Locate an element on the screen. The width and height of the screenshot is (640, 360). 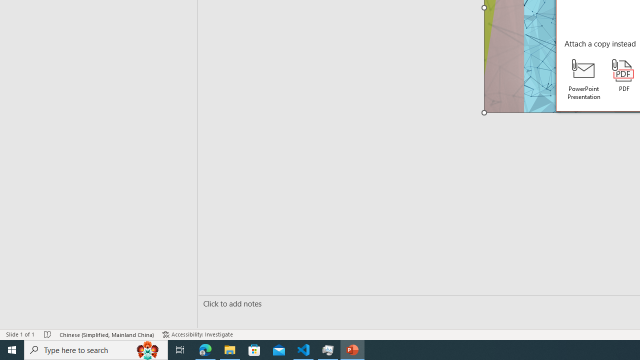
'PowerPoint - 1 running window' is located at coordinates (352, 349).